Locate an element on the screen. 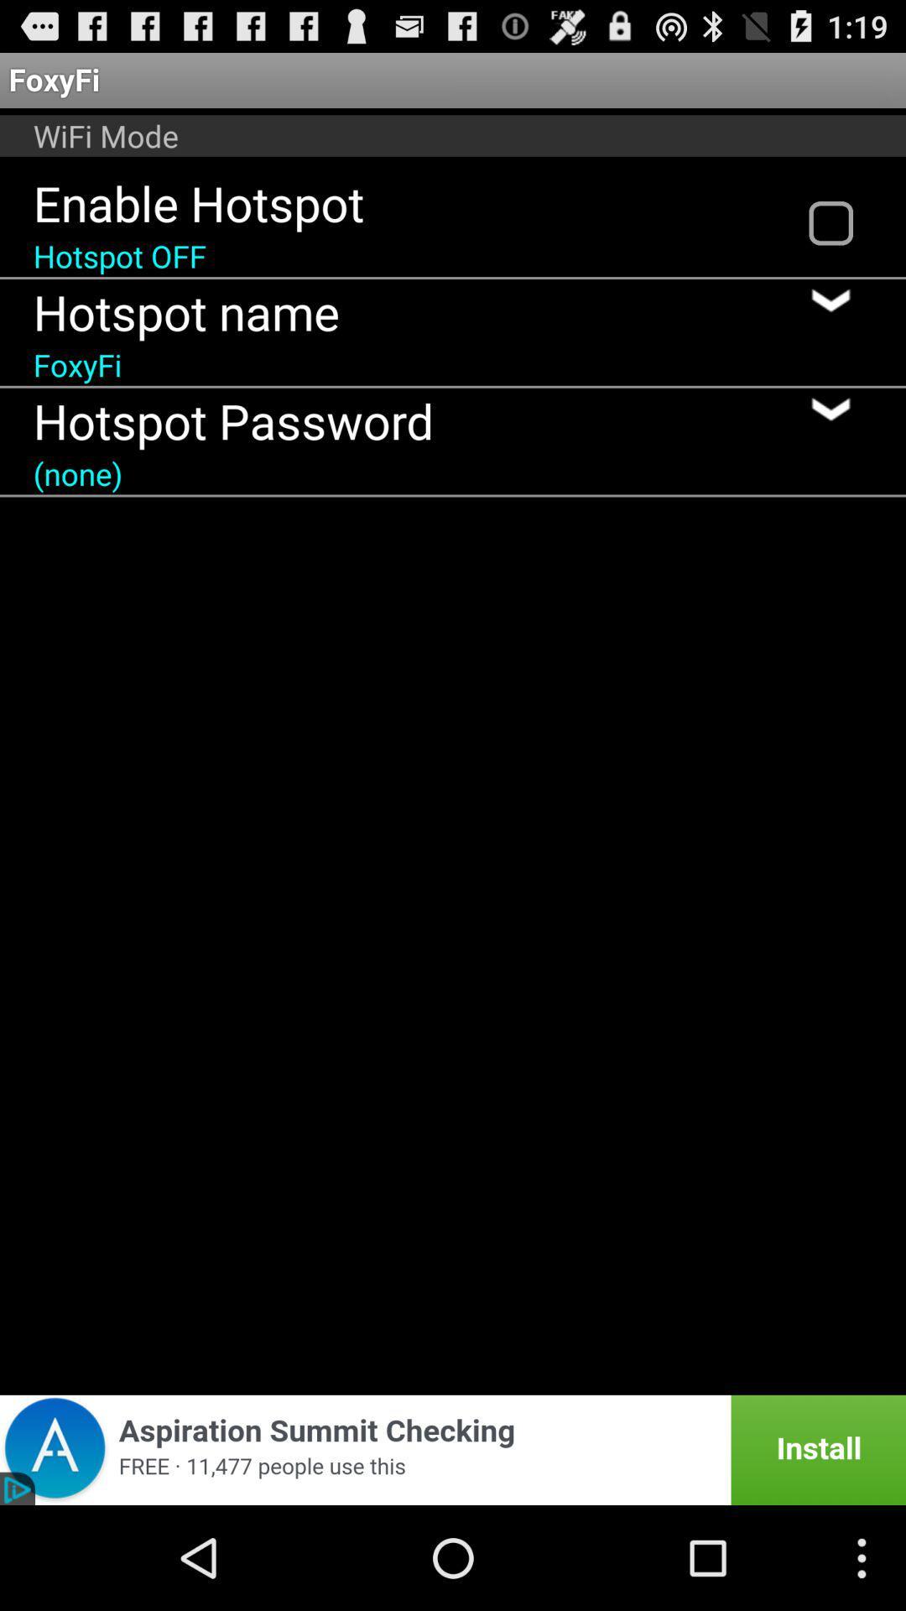  details about advertisement is located at coordinates (453, 1449).